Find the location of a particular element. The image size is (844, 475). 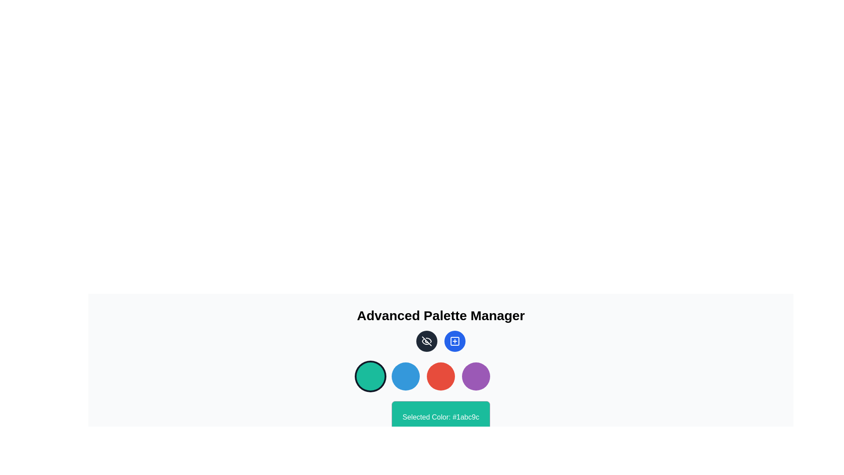

the leftmost Icon button in the horizontal group above the row of colored circles is located at coordinates (426, 340).